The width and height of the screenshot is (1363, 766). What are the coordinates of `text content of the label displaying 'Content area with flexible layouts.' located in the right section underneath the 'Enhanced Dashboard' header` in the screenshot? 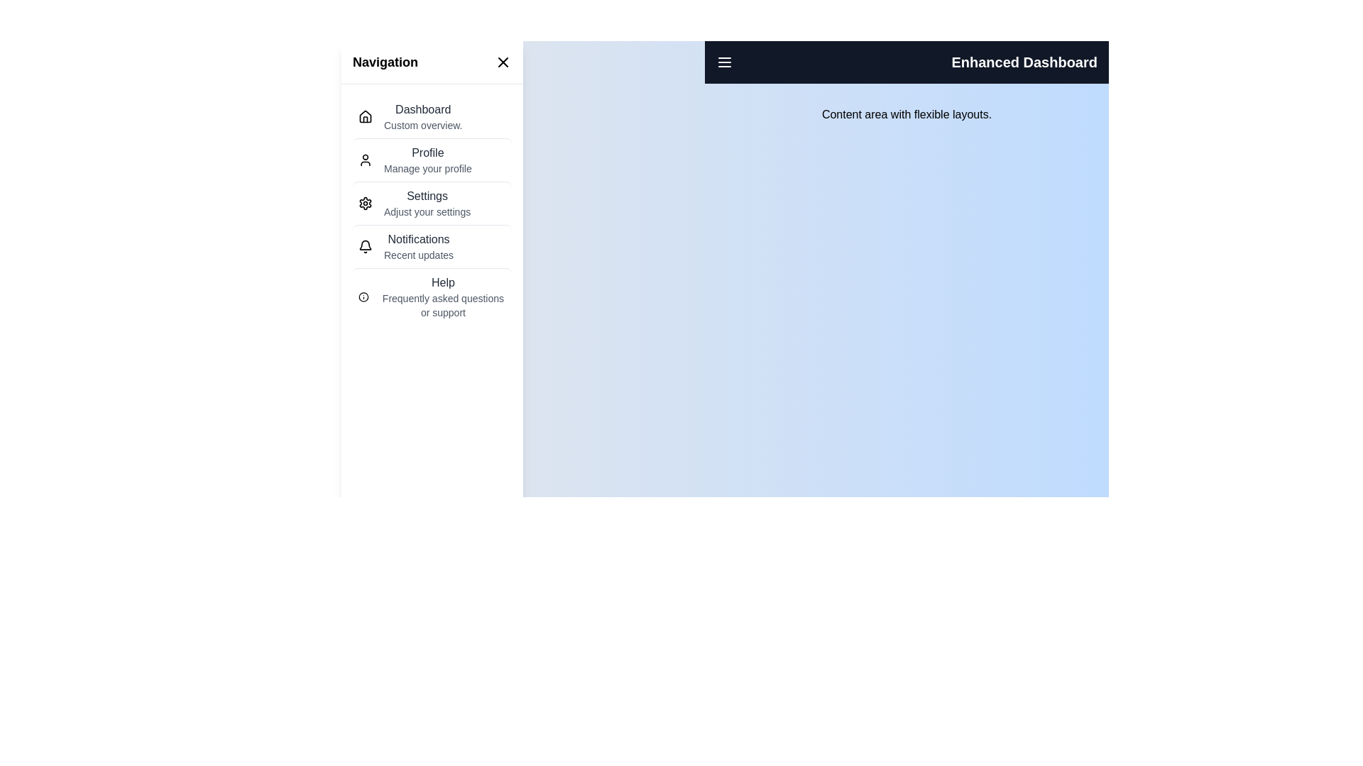 It's located at (906, 114).